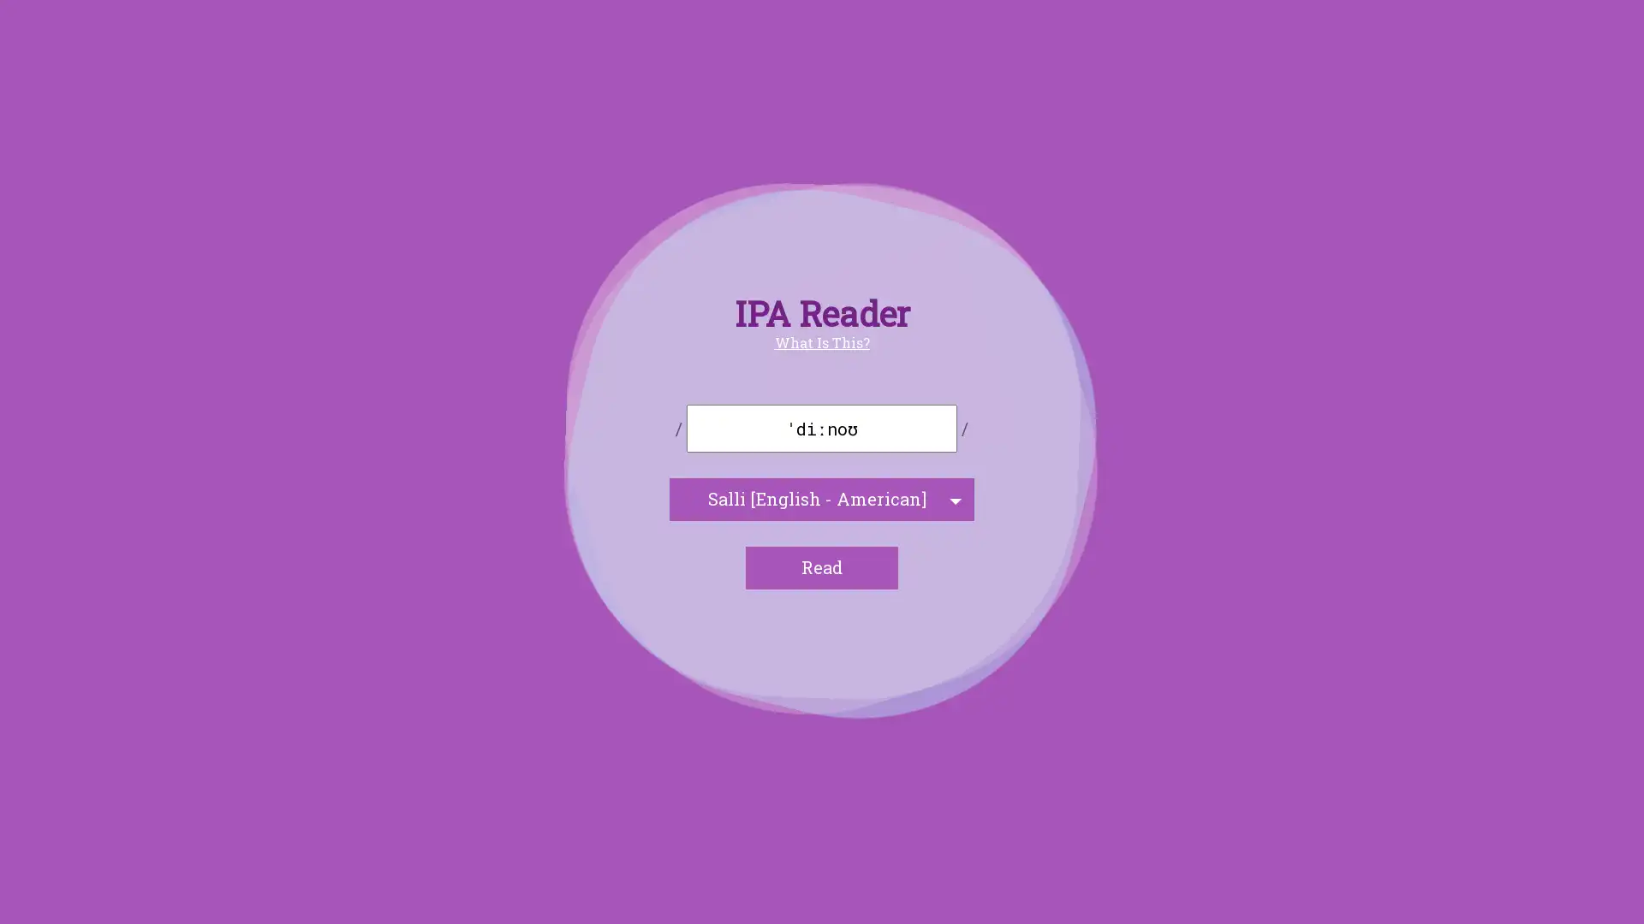 Image resolution: width=1644 pixels, height=924 pixels. Describe the element at coordinates (822, 567) in the screenshot. I see `Read` at that location.